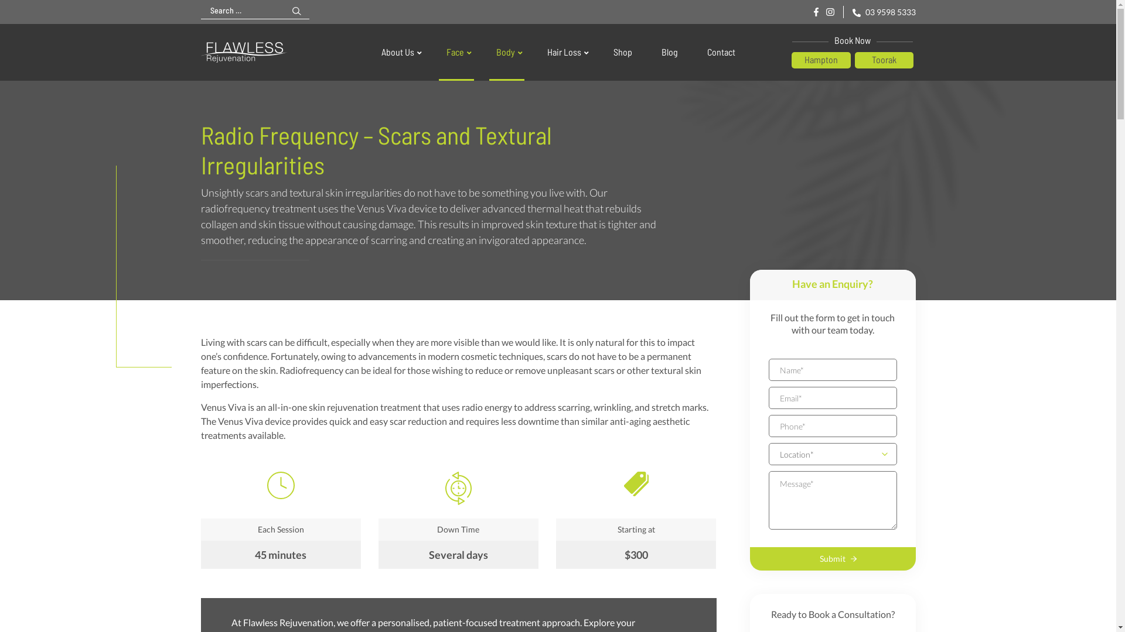  Describe the element at coordinates (506, 51) in the screenshot. I see `'Body'` at that location.